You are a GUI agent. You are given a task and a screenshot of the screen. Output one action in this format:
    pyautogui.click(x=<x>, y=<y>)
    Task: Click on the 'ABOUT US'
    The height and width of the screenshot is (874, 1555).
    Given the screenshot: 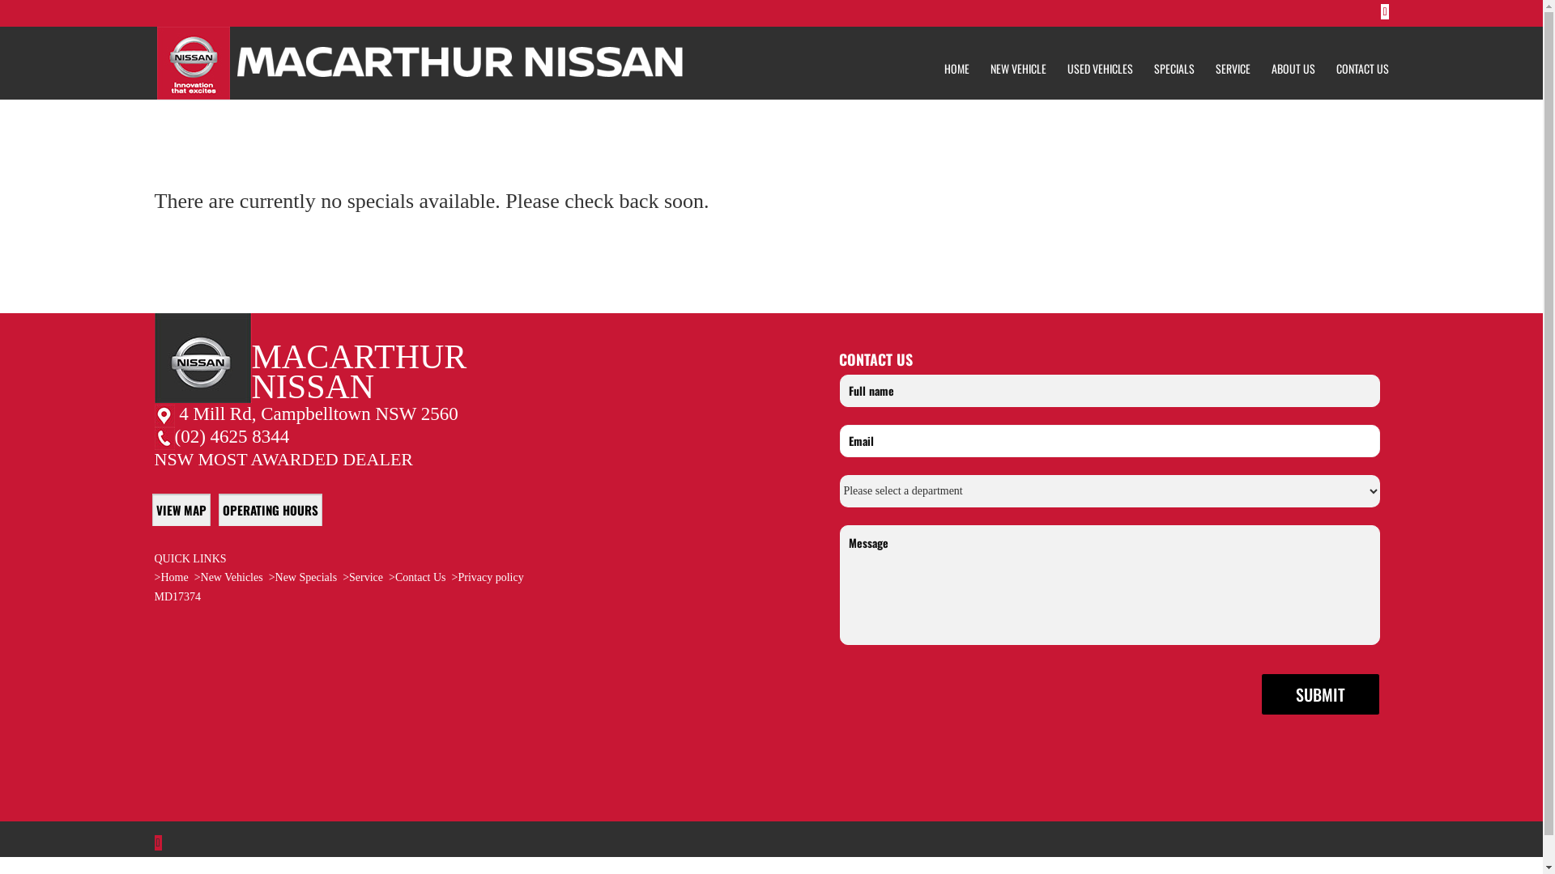 What is the action you would take?
    pyautogui.click(x=1293, y=74)
    